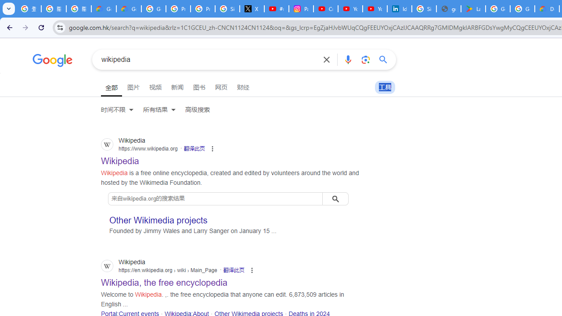  What do you see at coordinates (104, 9) in the screenshot?
I see `'Google Cloud Privacy Notice'` at bounding box center [104, 9].